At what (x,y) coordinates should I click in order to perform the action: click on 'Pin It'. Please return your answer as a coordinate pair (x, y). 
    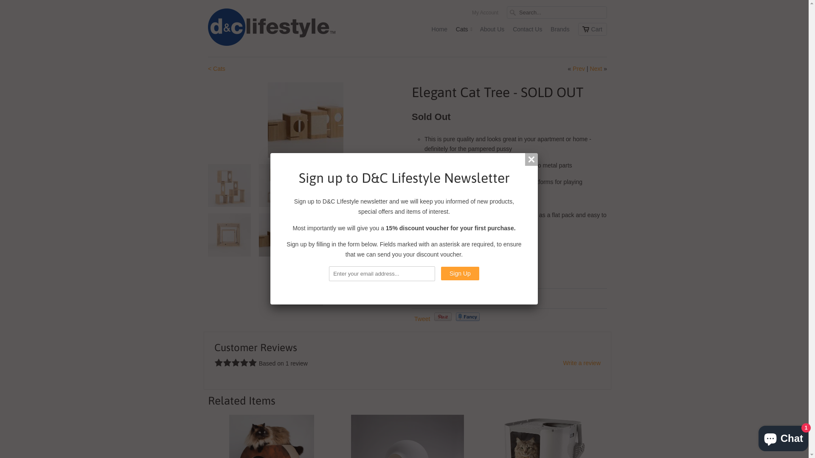
    Looking at the image, I should click on (442, 317).